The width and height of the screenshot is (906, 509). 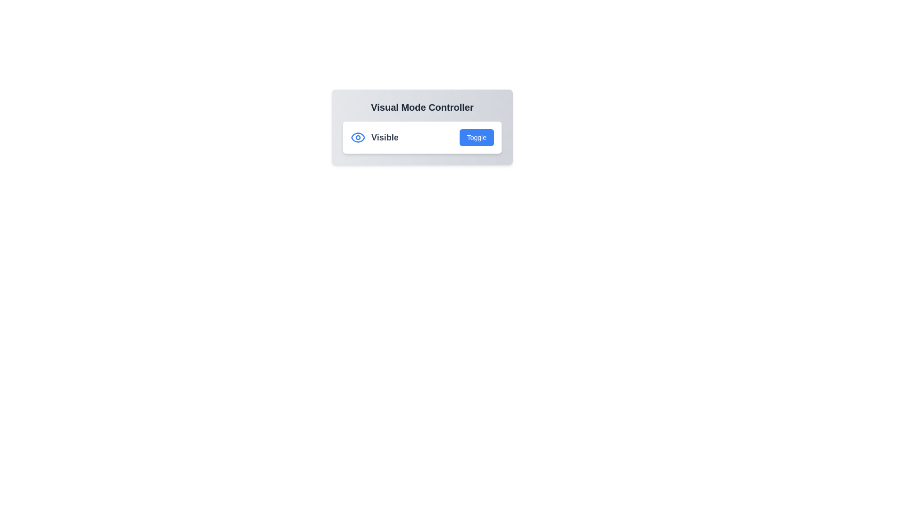 I want to click on the visibility icon to toggle the visibility state, so click(x=357, y=138).